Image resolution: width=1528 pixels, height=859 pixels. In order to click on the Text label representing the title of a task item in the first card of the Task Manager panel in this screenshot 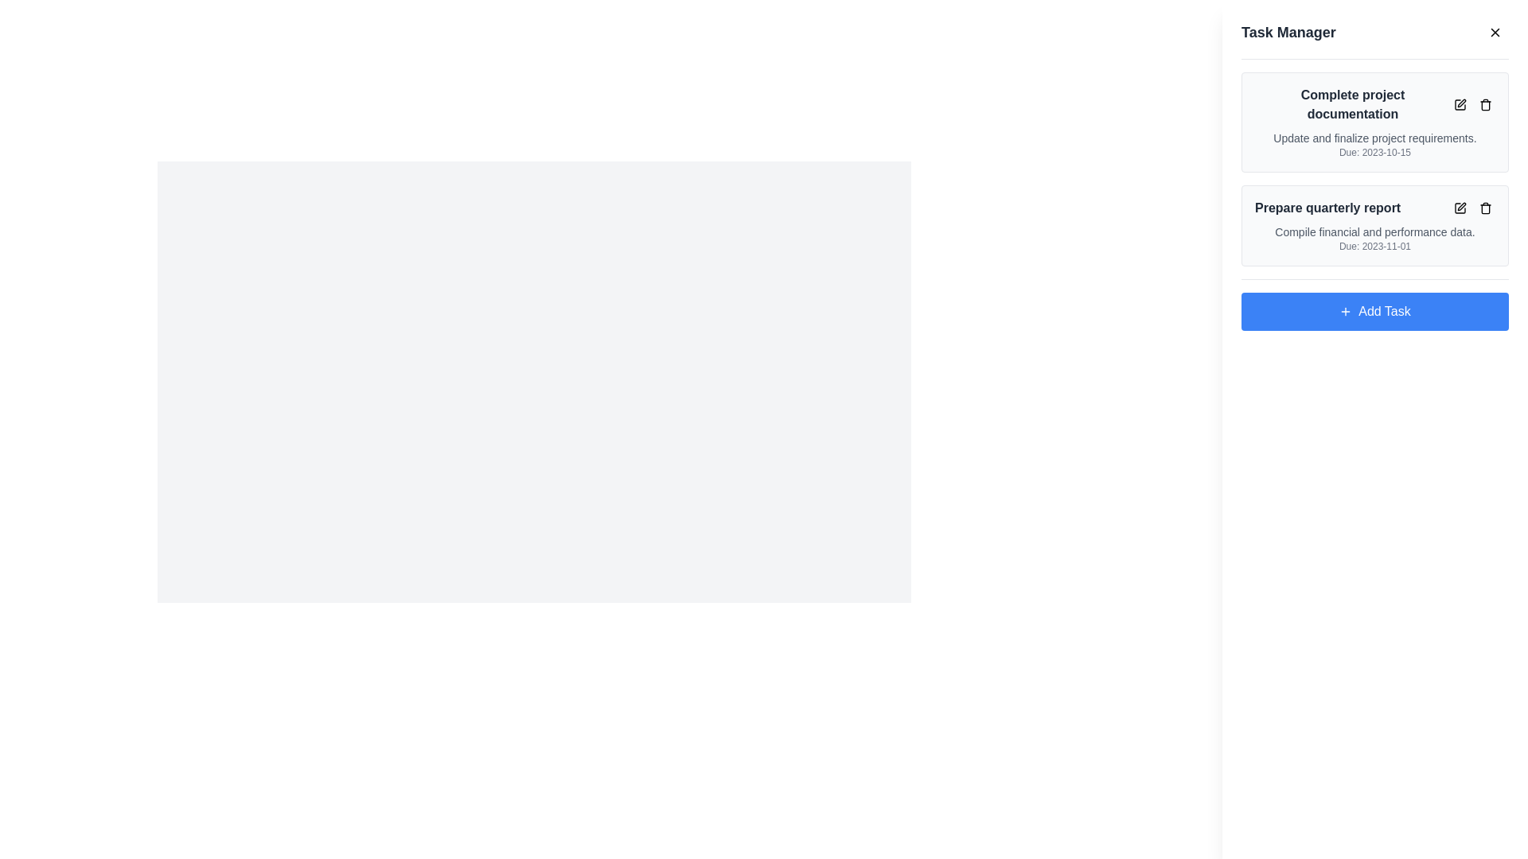, I will do `click(1374, 104)`.